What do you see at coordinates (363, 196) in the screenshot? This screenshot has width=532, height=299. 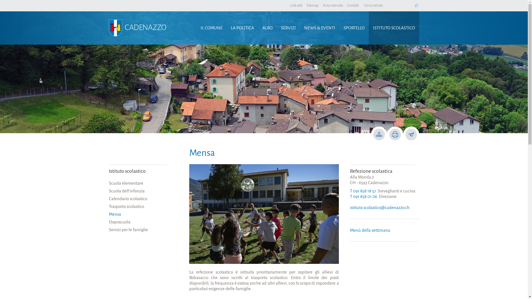 I see `'T 091 858 01 06'` at bounding box center [363, 196].